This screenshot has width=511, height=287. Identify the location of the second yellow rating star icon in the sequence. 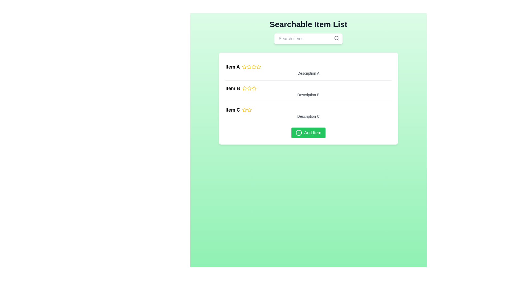
(249, 88).